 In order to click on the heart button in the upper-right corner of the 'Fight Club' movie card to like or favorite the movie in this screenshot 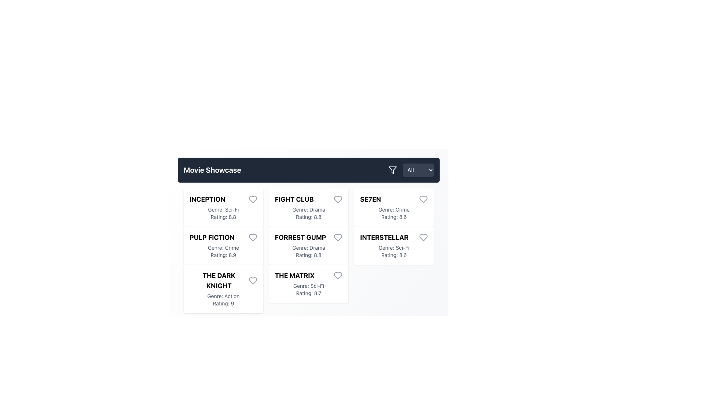, I will do `click(338, 199)`.